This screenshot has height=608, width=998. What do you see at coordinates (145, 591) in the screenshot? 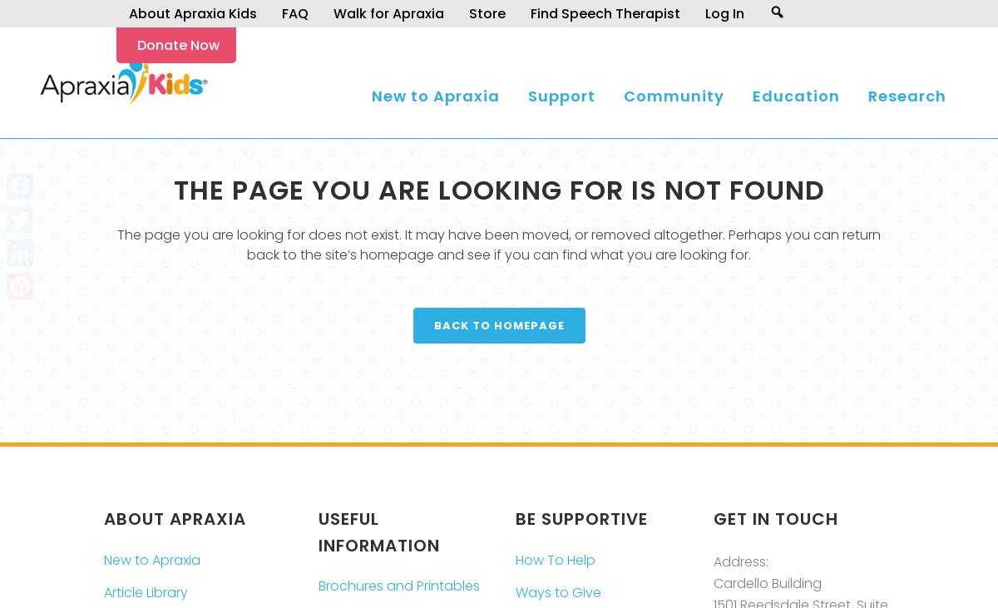
I see `'Article Library'` at bounding box center [145, 591].